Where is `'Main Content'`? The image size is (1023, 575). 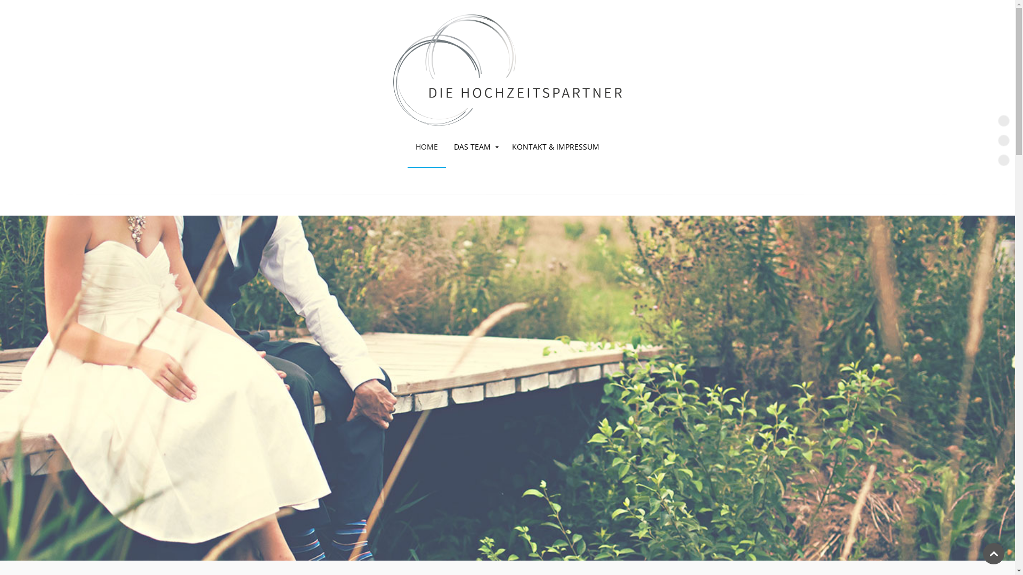
'Main Content' is located at coordinates (1003, 160).